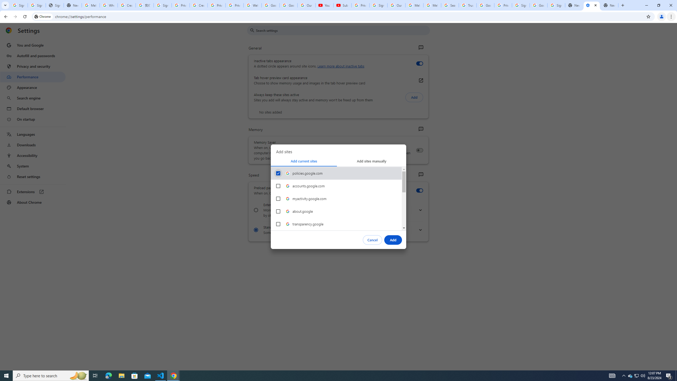 The height and width of the screenshot is (381, 677). Describe the element at coordinates (342, 5) in the screenshot. I see `'Subscriptions - YouTube'` at that location.